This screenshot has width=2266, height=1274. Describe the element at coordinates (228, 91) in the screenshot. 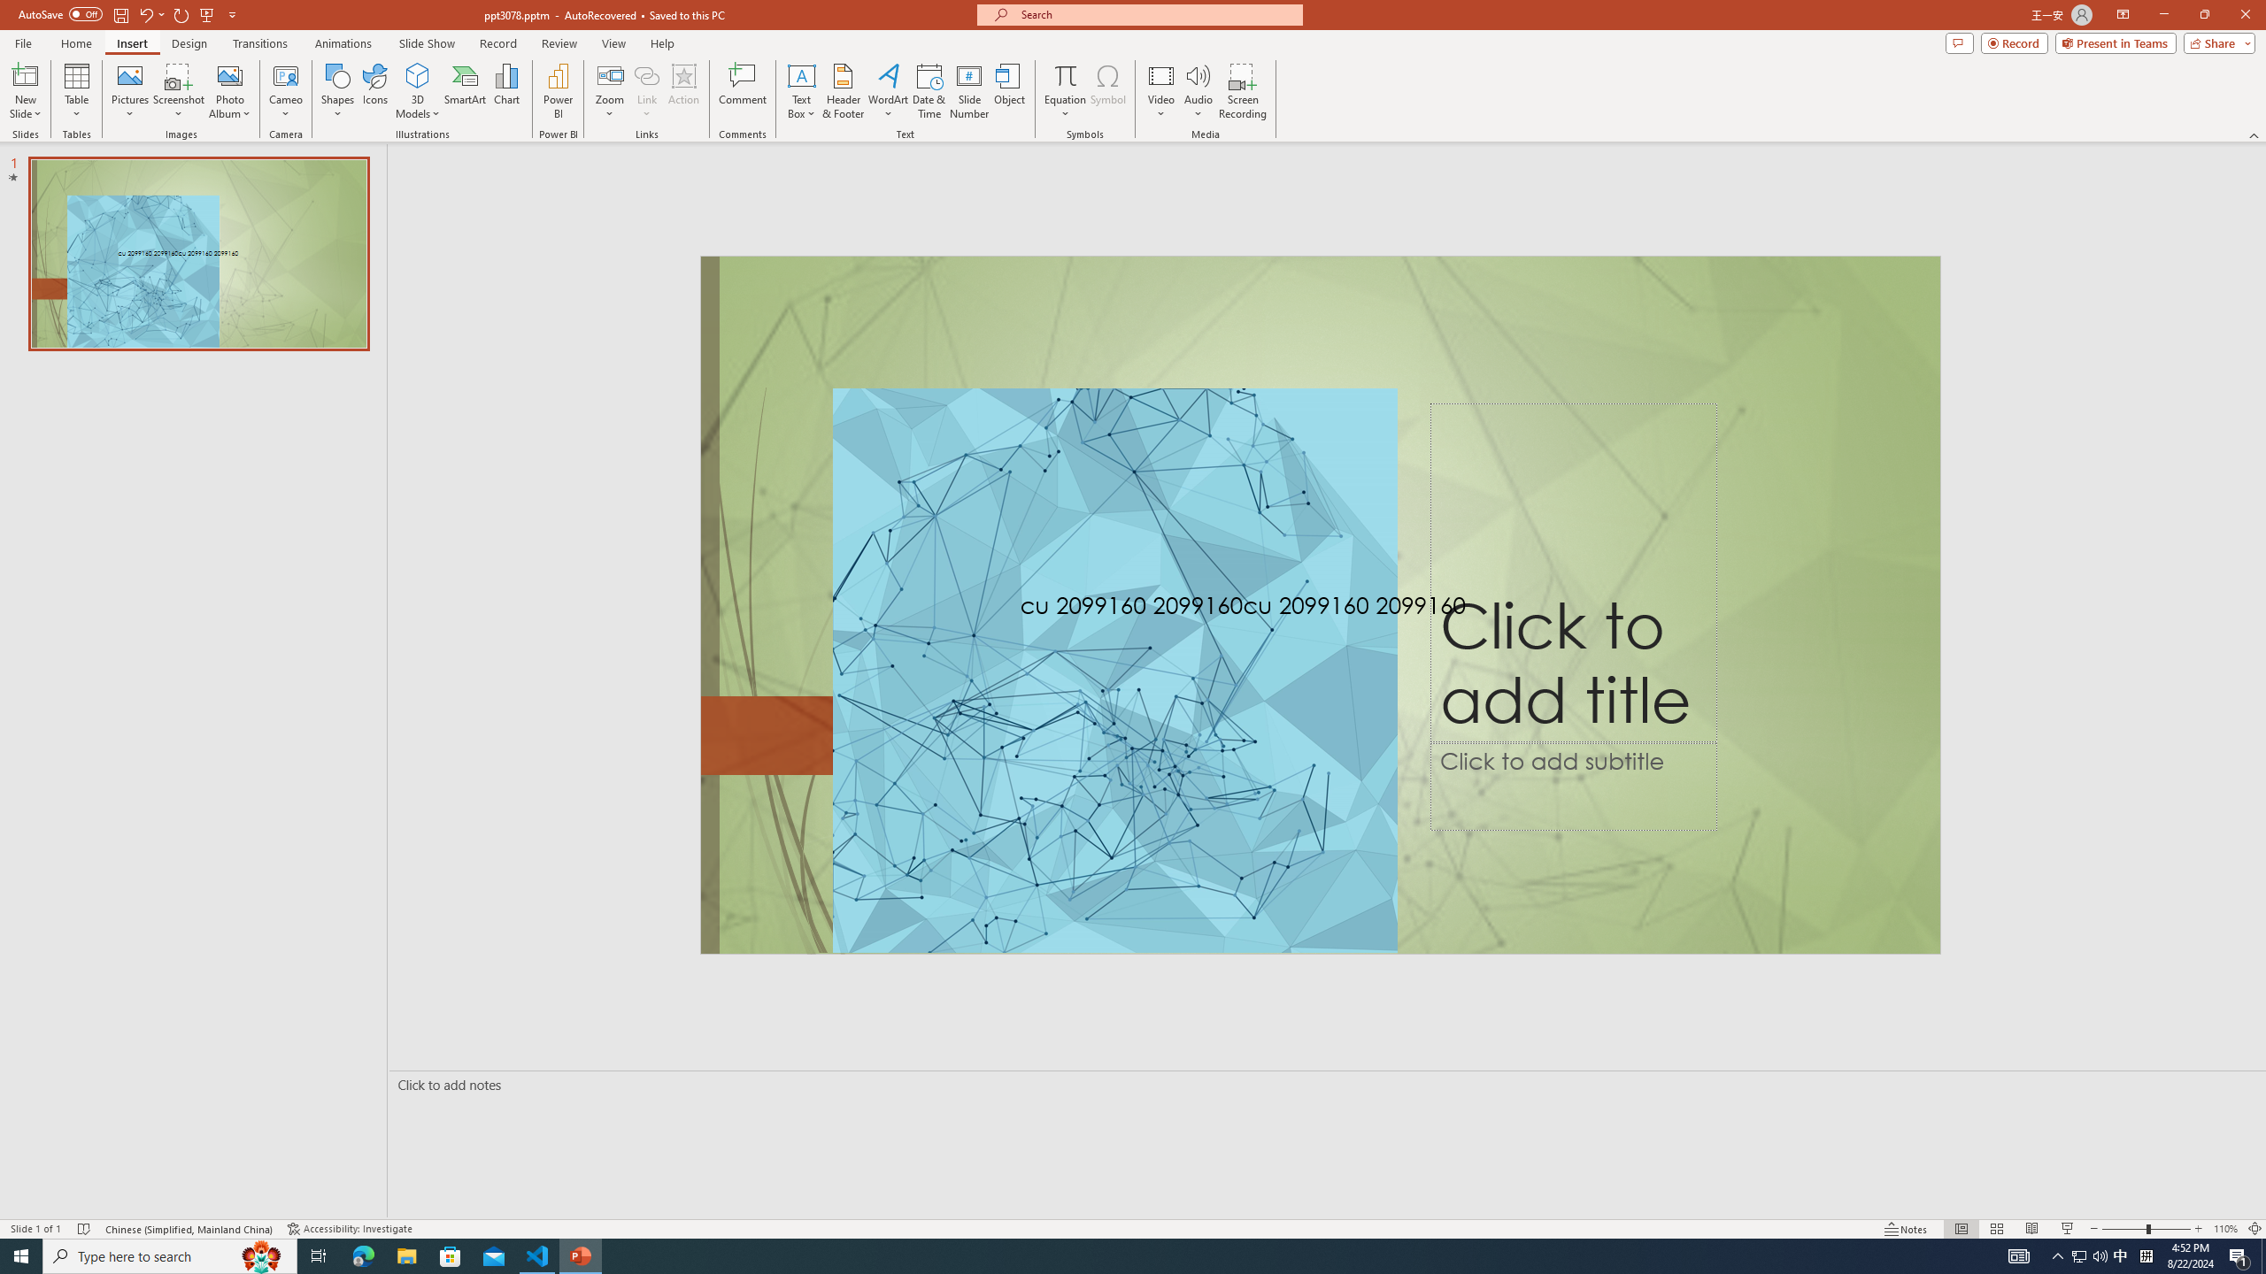

I see `'Photo Album...'` at that location.